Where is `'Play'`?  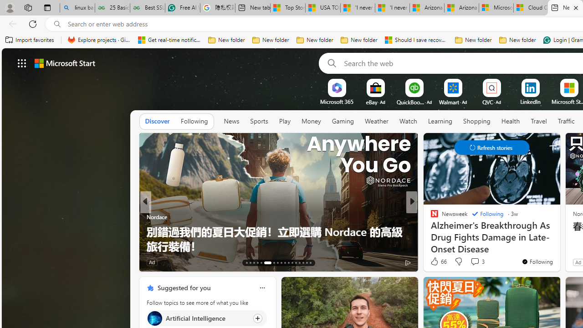 'Play' is located at coordinates (284, 121).